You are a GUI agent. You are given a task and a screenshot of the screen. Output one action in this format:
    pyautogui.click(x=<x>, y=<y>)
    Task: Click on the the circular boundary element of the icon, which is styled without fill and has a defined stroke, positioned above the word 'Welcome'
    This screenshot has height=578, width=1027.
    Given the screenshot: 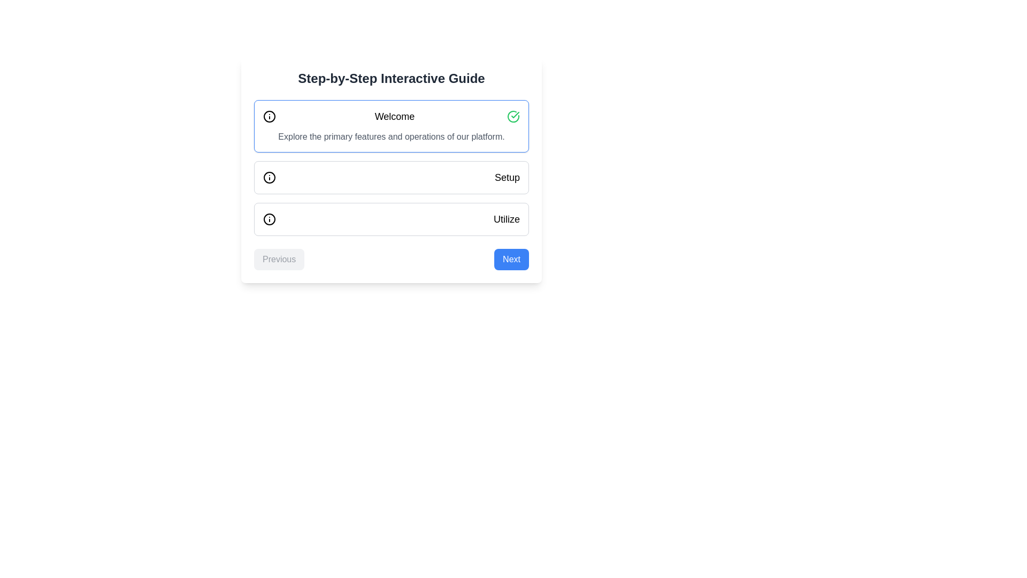 What is the action you would take?
    pyautogui.click(x=270, y=117)
    